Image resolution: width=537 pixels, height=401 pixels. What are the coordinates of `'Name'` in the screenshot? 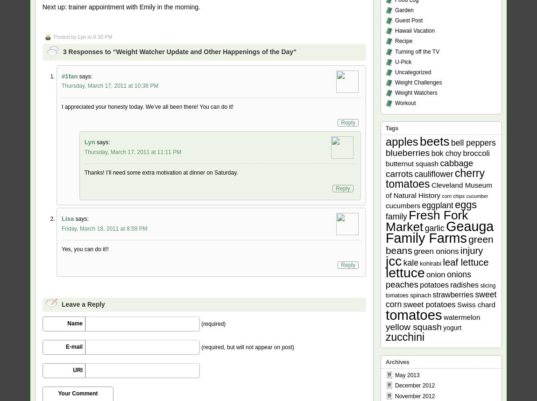 It's located at (74, 323).